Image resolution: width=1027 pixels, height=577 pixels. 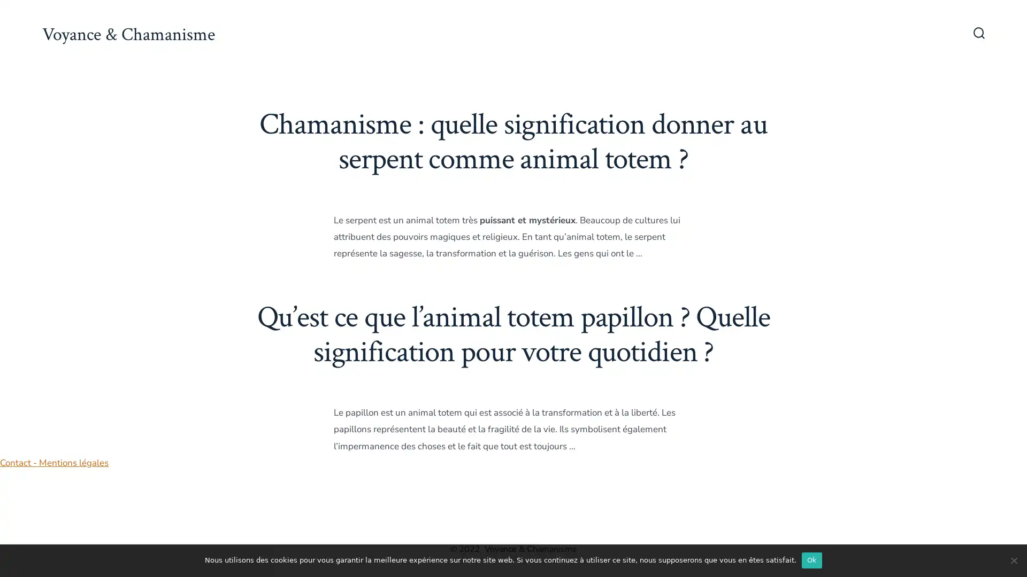 I want to click on Bascule Rechercher, so click(x=978, y=34).